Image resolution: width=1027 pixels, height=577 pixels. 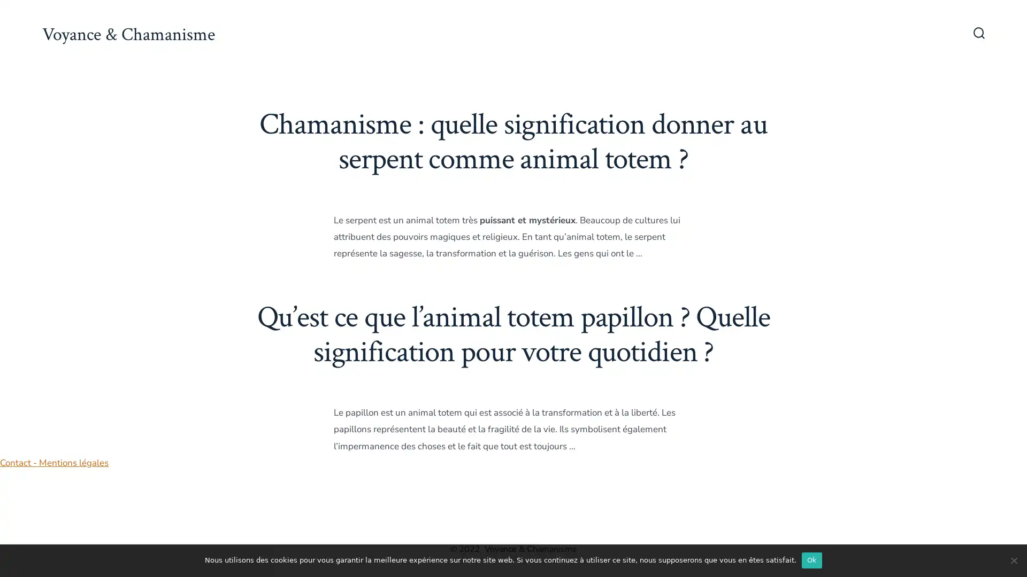 I want to click on Bascule Rechercher, so click(x=978, y=34).